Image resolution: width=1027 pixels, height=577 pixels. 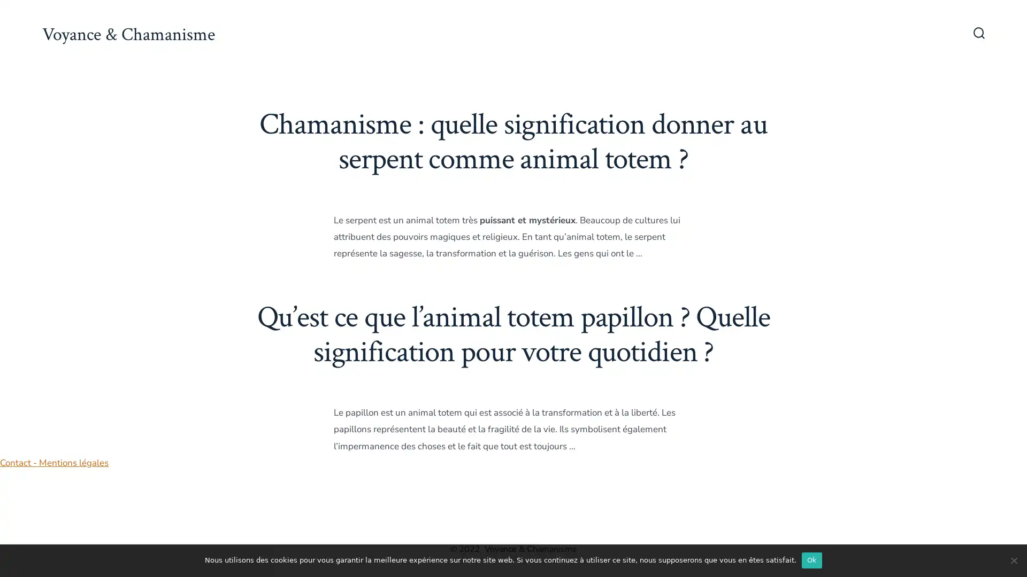 I want to click on Bascule Rechercher, so click(x=978, y=34).